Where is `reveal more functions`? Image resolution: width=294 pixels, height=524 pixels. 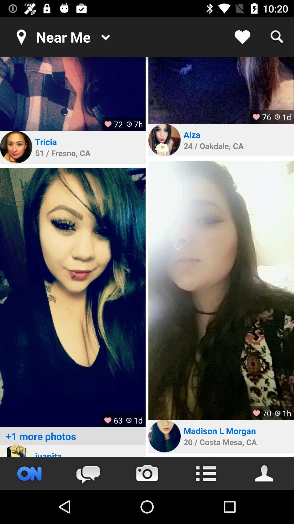 reveal more functions is located at coordinates (206, 473).